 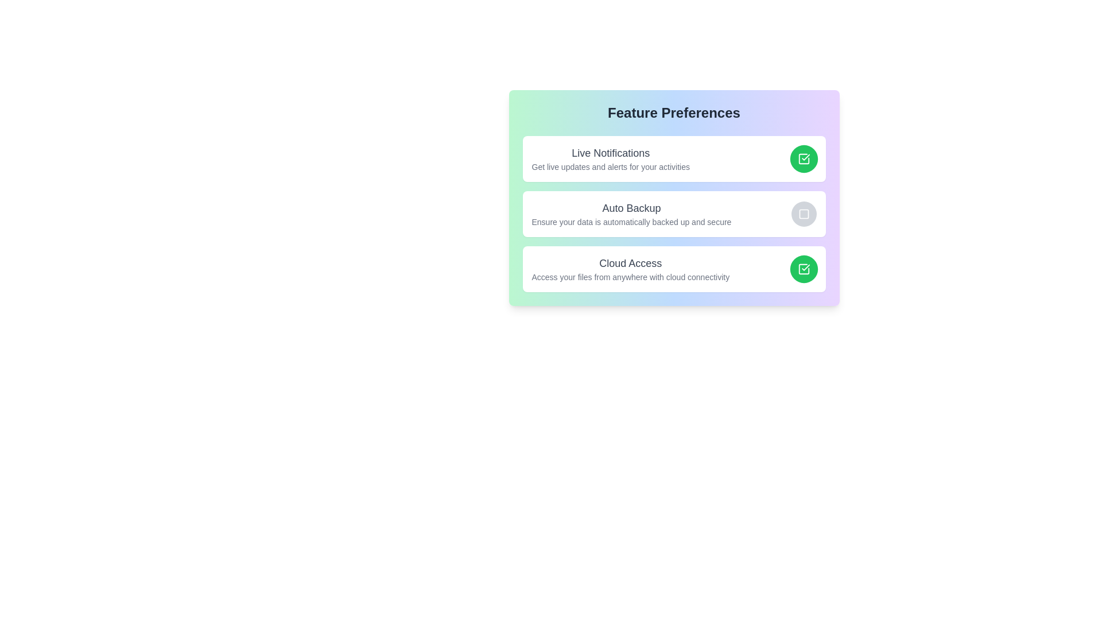 I want to click on the descriptive text for the 'Live Notifications' feature located in the 'Feature Preferences' section, positioned below the header 'Live Notifications' and above the horizontal separator leading to 'Auto Backup', so click(x=610, y=166).